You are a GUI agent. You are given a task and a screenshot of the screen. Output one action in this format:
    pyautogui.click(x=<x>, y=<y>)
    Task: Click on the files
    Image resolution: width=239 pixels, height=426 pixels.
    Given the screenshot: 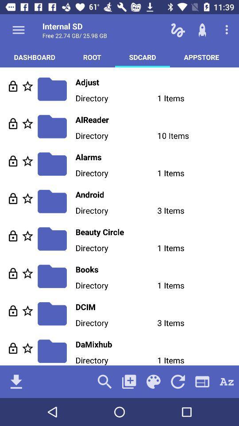 What is the action you would take?
    pyautogui.click(x=27, y=311)
    